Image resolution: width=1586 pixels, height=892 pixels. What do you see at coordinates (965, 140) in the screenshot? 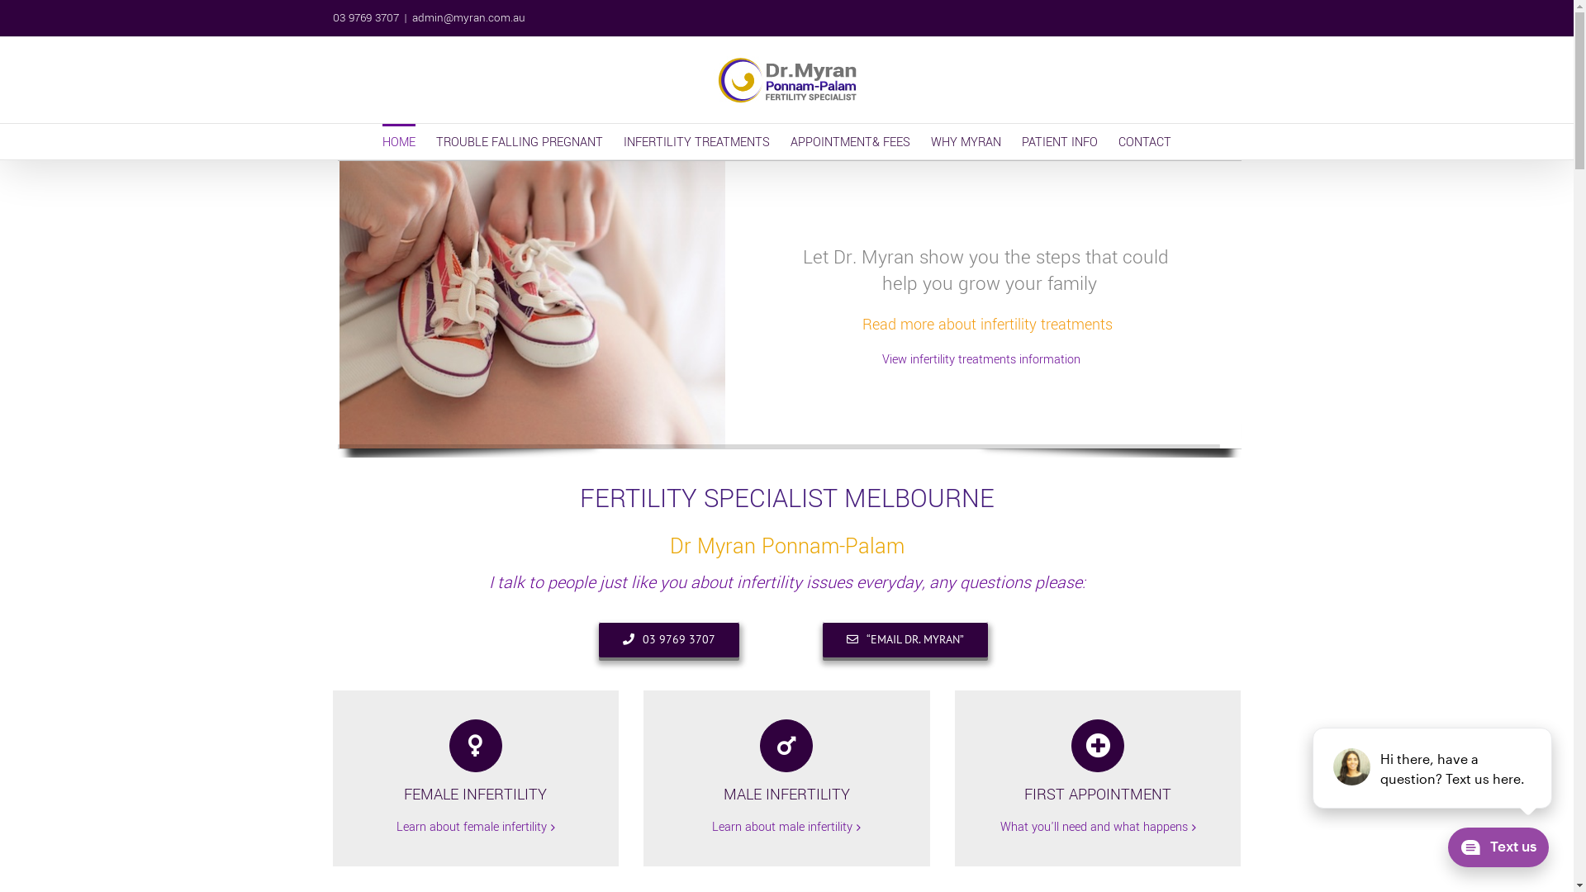
I see `'WHY MYRAN'` at bounding box center [965, 140].